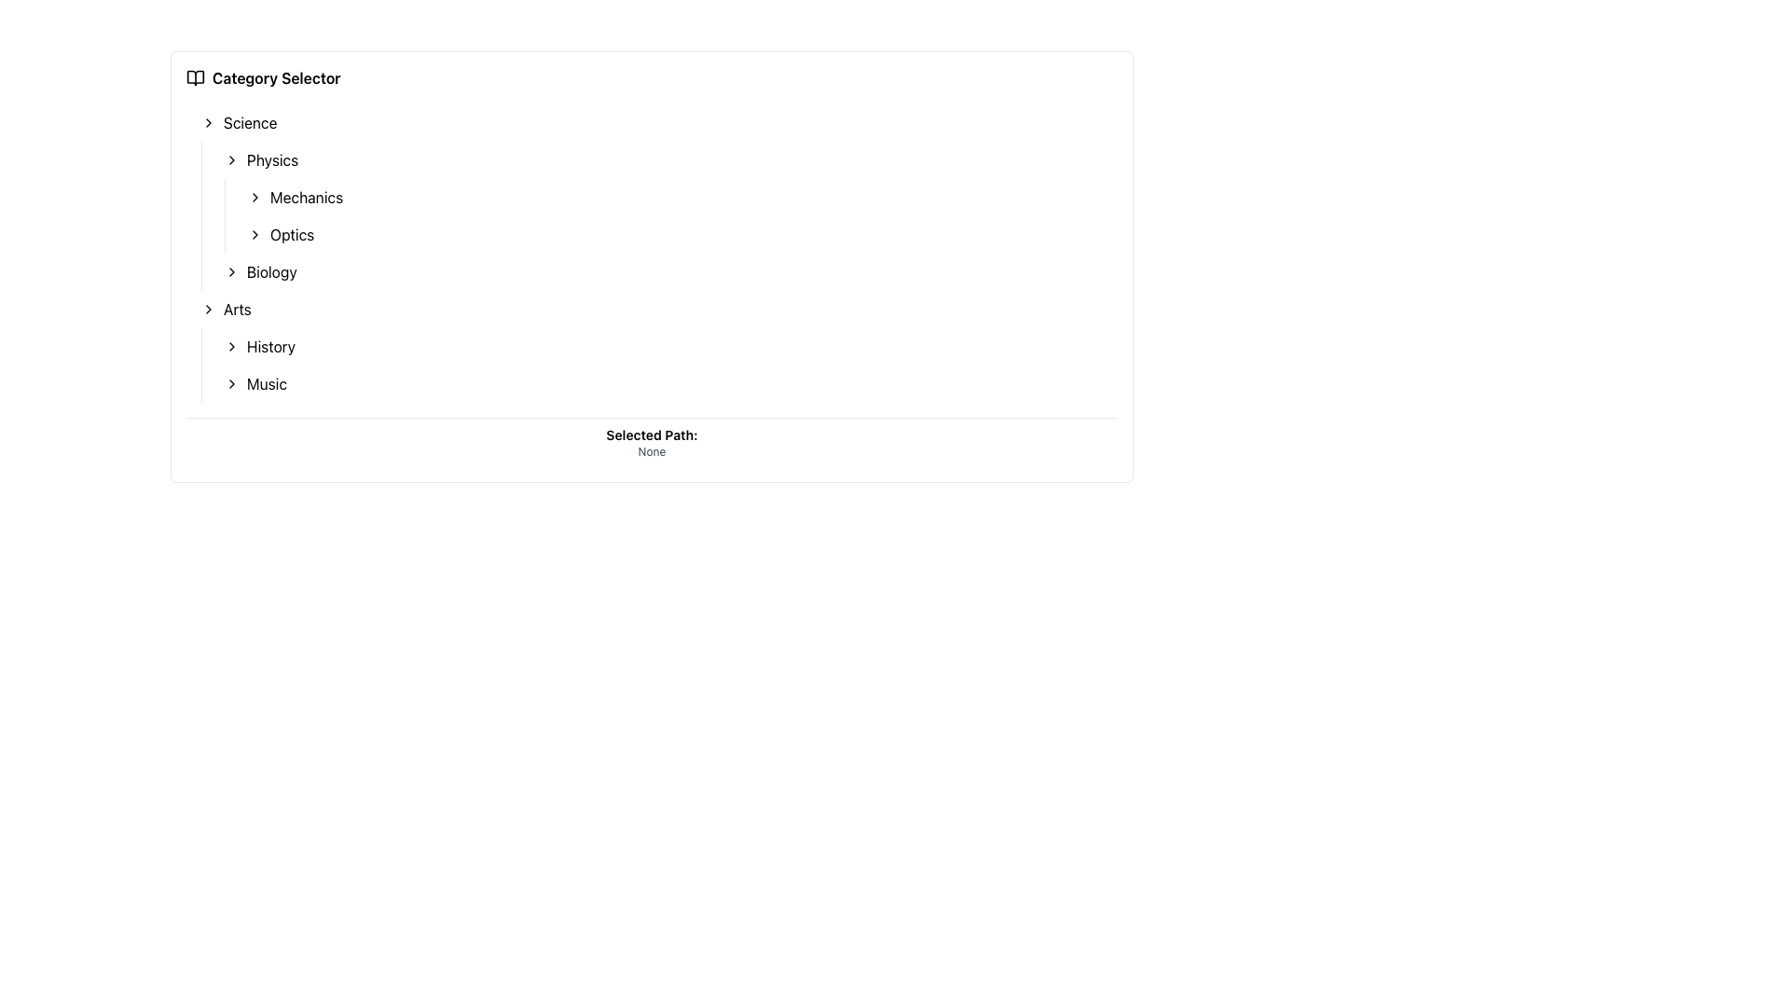 This screenshot has width=1790, height=1007. What do you see at coordinates (236, 308) in the screenshot?
I see `the 'Arts' text label in the vertical navigation menu` at bounding box center [236, 308].